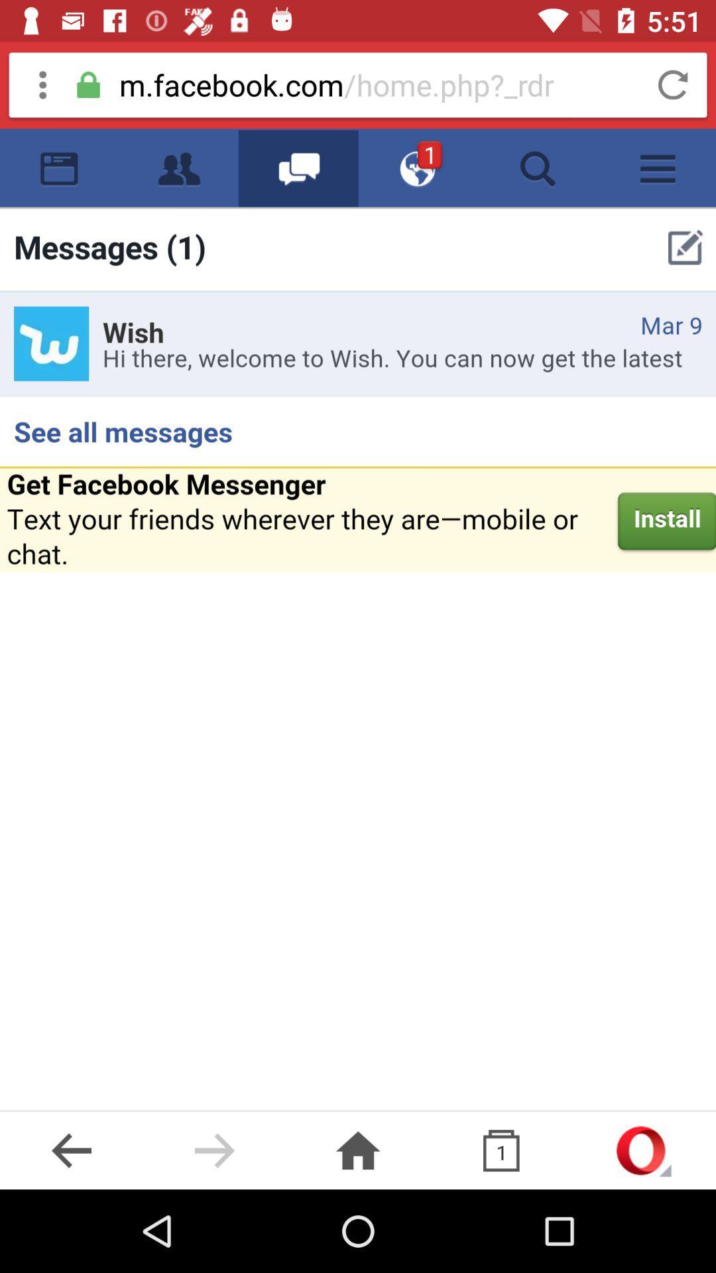 Image resolution: width=716 pixels, height=1273 pixels. Describe the element at coordinates (214, 1150) in the screenshot. I see `the arrow_forward icon` at that location.